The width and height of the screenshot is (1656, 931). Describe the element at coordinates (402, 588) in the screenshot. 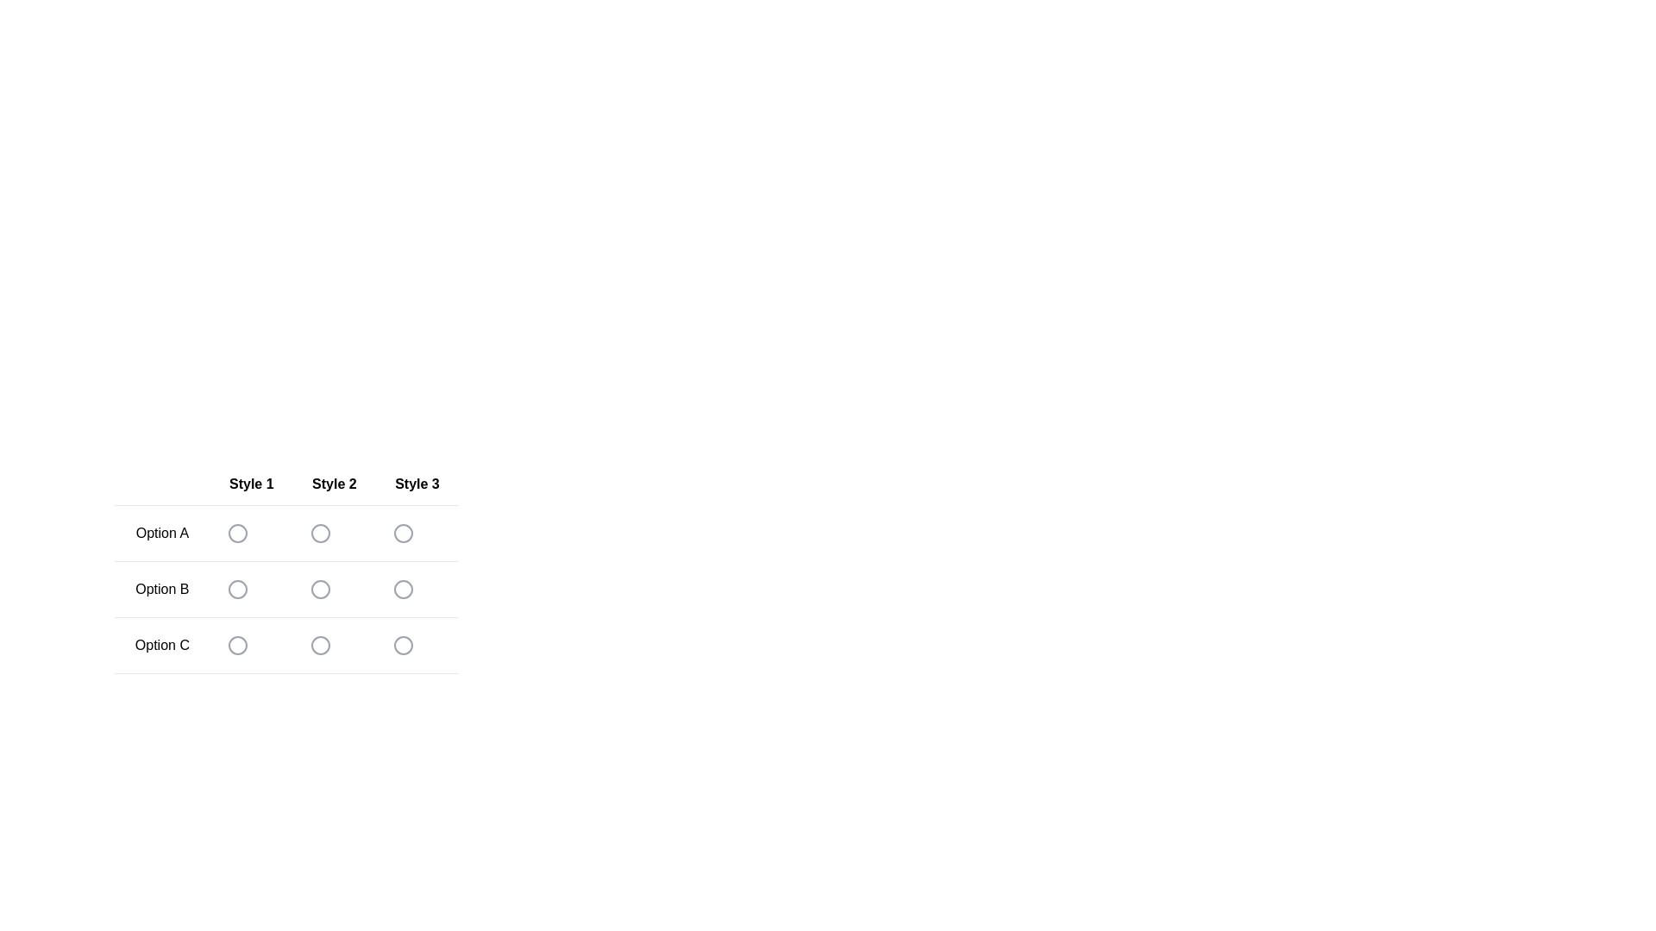

I see `the unselected radio button located in the third column of the second row, under the header 'Style 3' and next to 'Option B.'` at that location.